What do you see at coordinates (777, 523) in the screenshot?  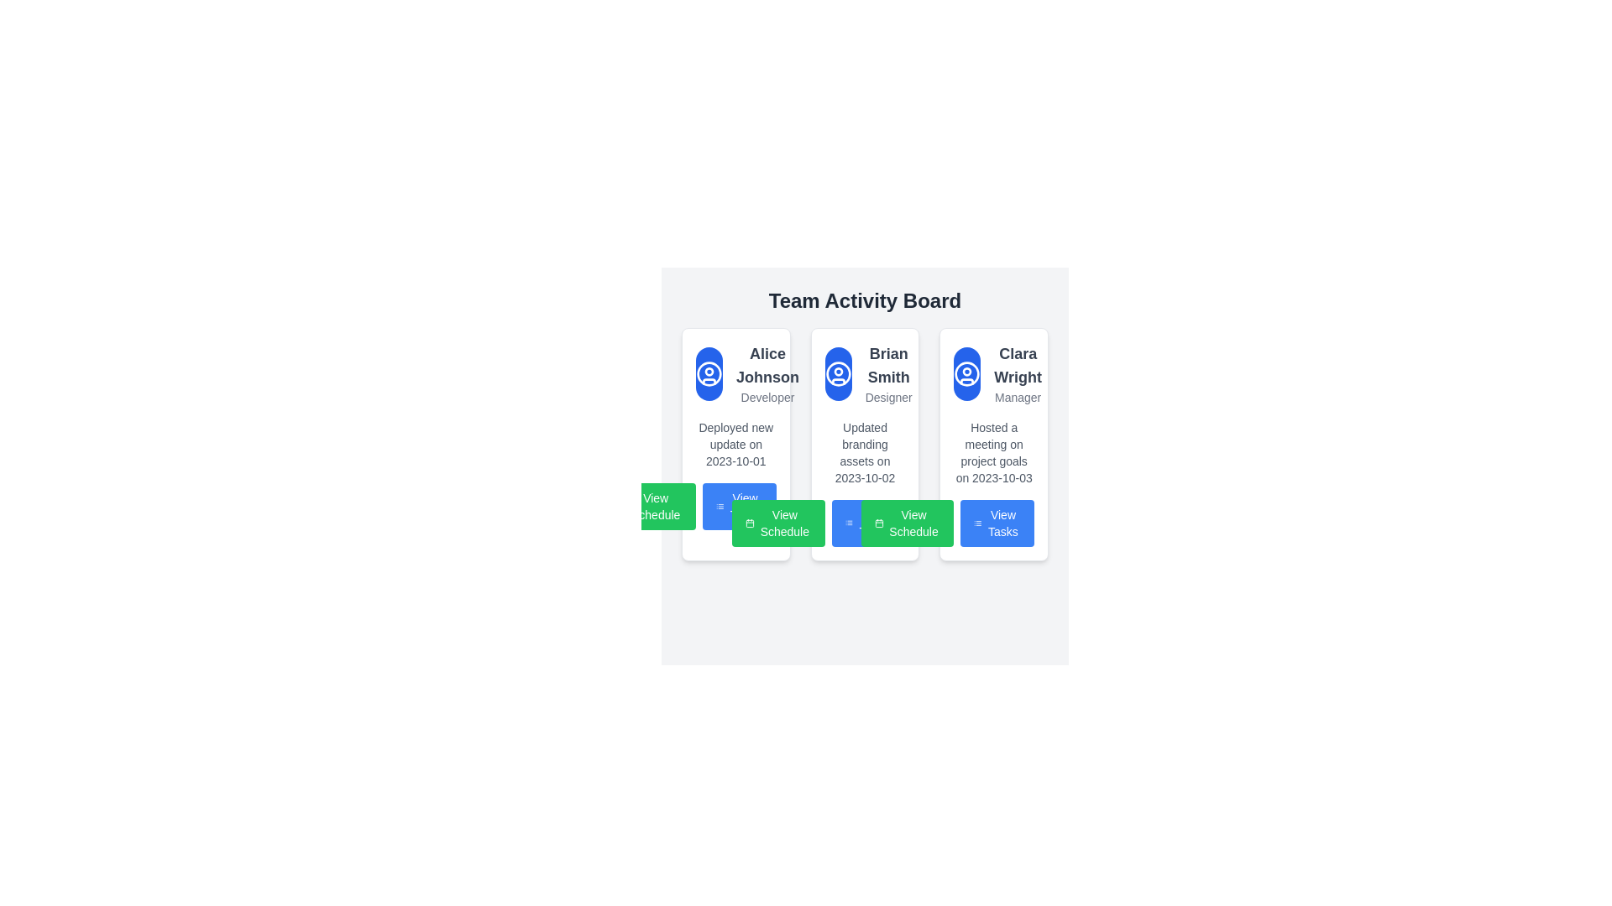 I see `the 'View Schedule' button` at bounding box center [777, 523].